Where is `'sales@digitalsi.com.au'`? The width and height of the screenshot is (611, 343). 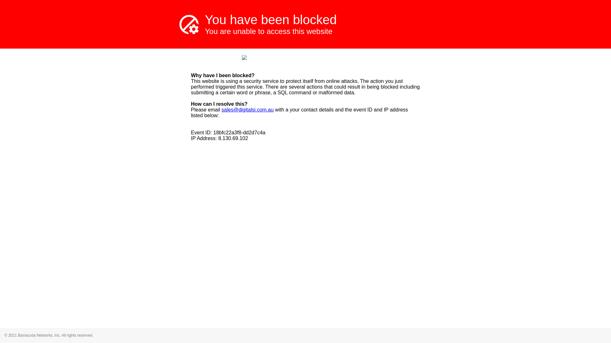
'sales@digitalsi.com.au' is located at coordinates (247, 109).